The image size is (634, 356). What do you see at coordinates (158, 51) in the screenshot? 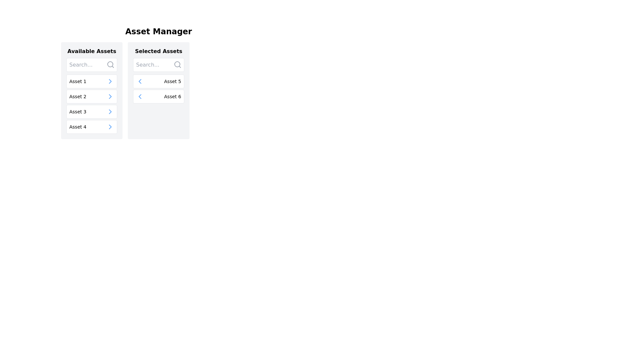
I see `the bold label with the text 'Selected Assets', located at the top of the right panel under the header 'Asset Manager'` at bounding box center [158, 51].